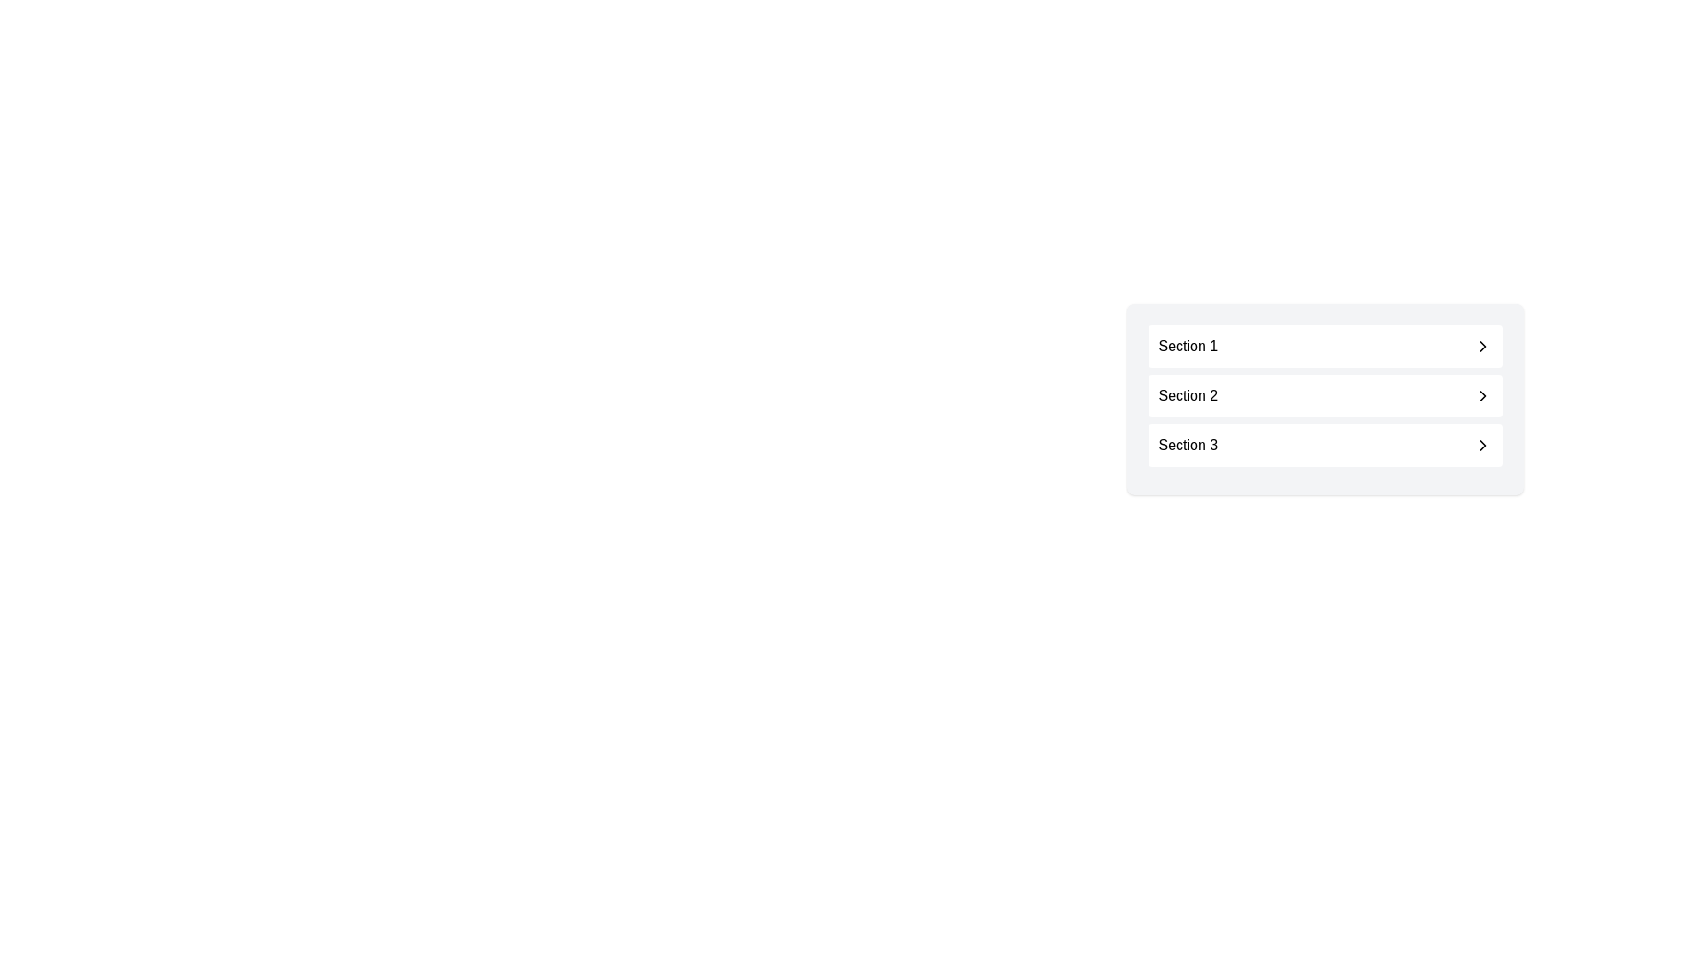  Describe the element at coordinates (1325, 399) in the screenshot. I see `the List item representing 'Section 2'` at that location.